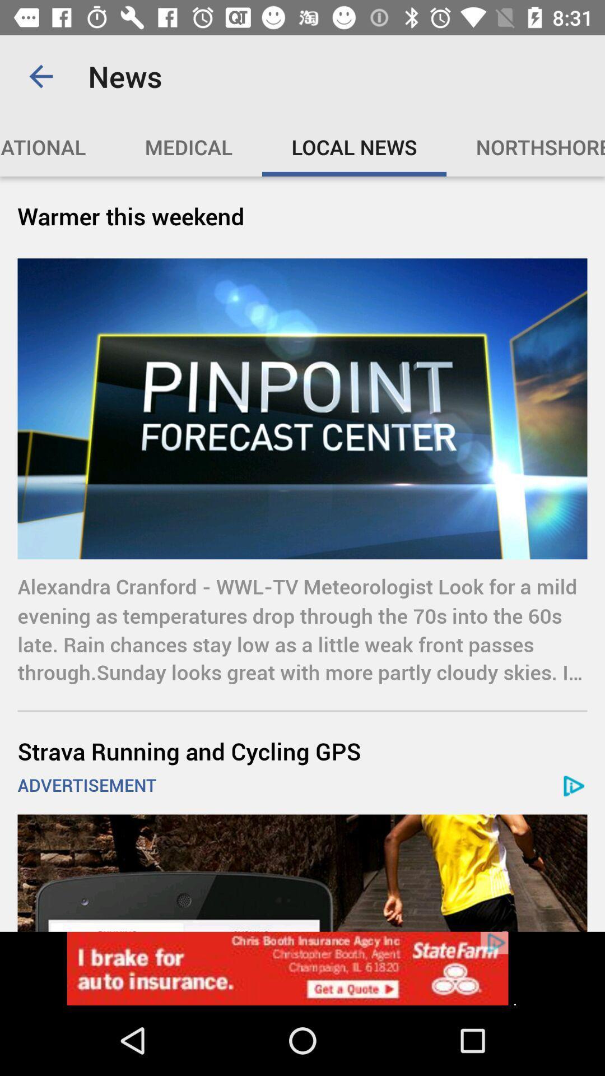 The height and width of the screenshot is (1076, 605). I want to click on icon below alexandra cranford wwl, so click(302, 751).